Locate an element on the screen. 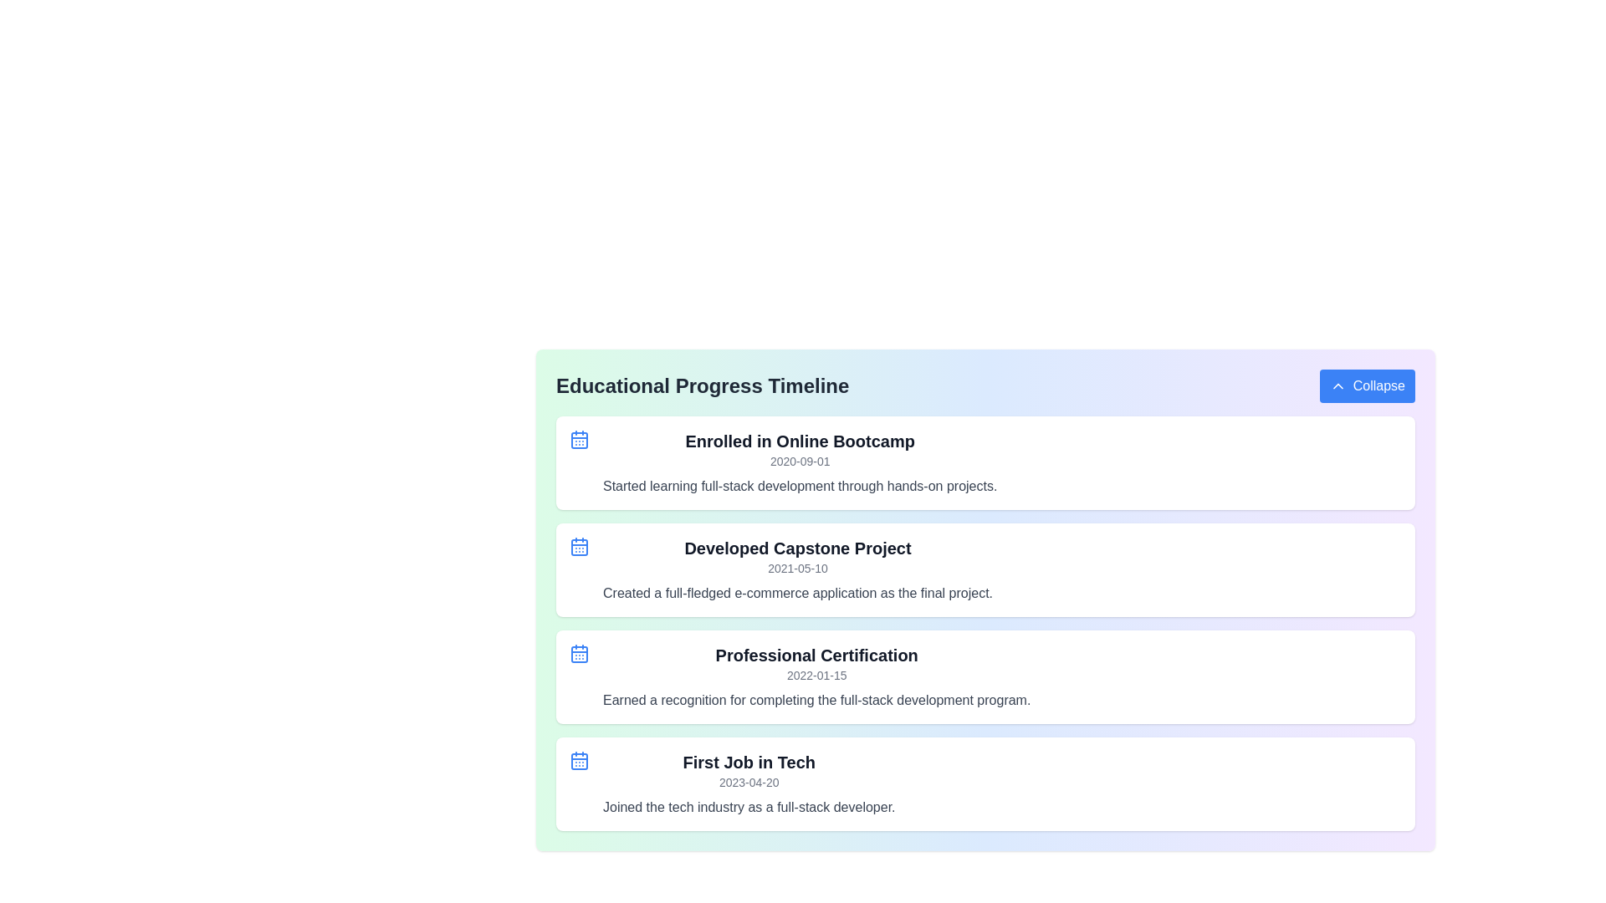  the date icon in the third entry of the 'Educational Progress Timeline', located to the left of 'Professional Certification' is located at coordinates (579, 653).